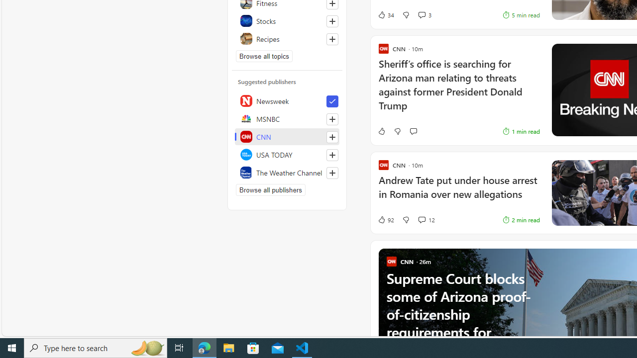  What do you see at coordinates (287, 118) in the screenshot?
I see `'MSNBC'` at bounding box center [287, 118].